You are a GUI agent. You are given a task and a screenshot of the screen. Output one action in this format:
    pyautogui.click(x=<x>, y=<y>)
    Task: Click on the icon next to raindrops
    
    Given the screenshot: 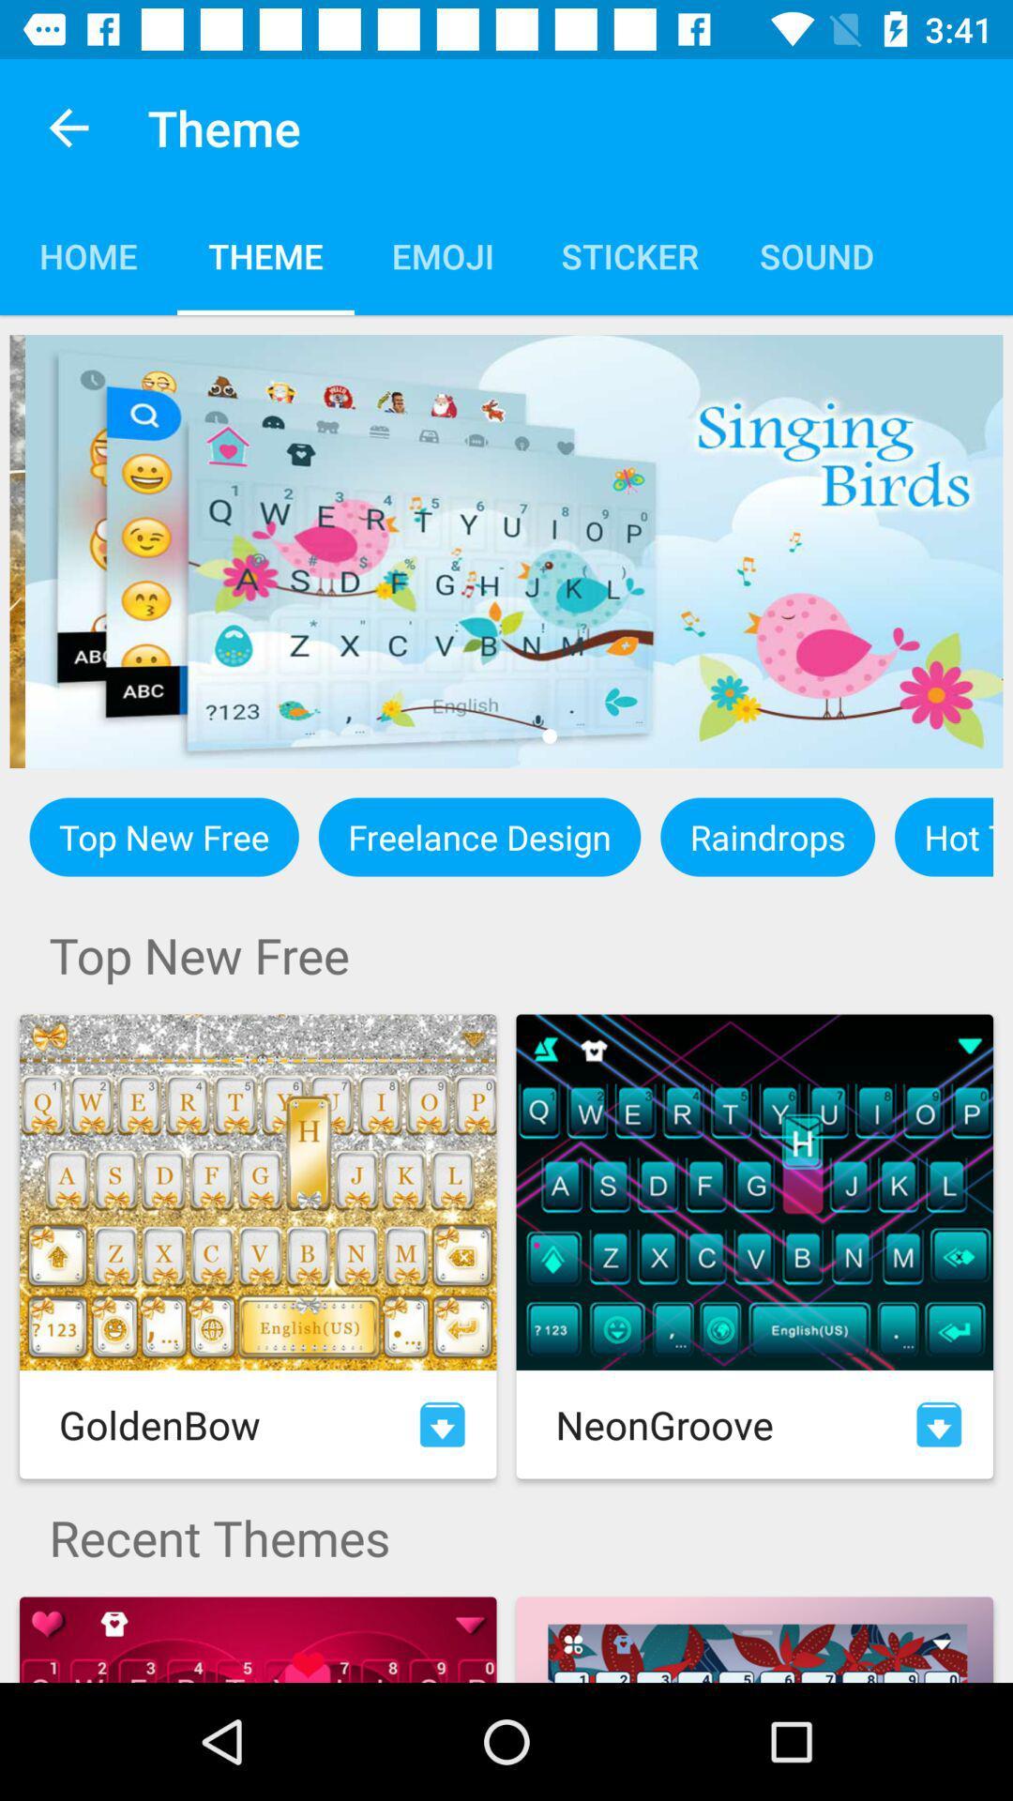 What is the action you would take?
    pyautogui.click(x=478, y=836)
    